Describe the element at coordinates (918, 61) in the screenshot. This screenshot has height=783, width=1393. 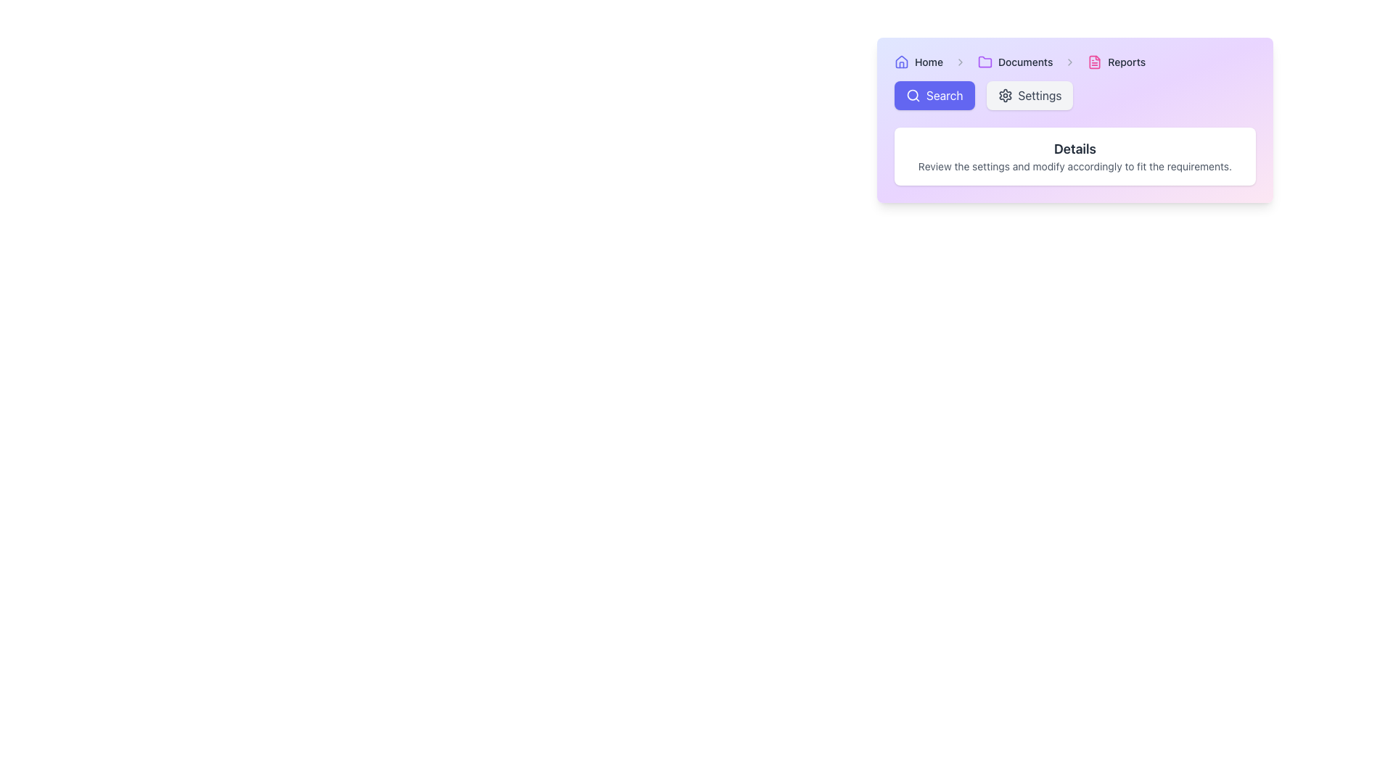
I see `the 'Home' breadcrumb item, which is the first breadcrumb item represented by a house icon and gray text` at that location.